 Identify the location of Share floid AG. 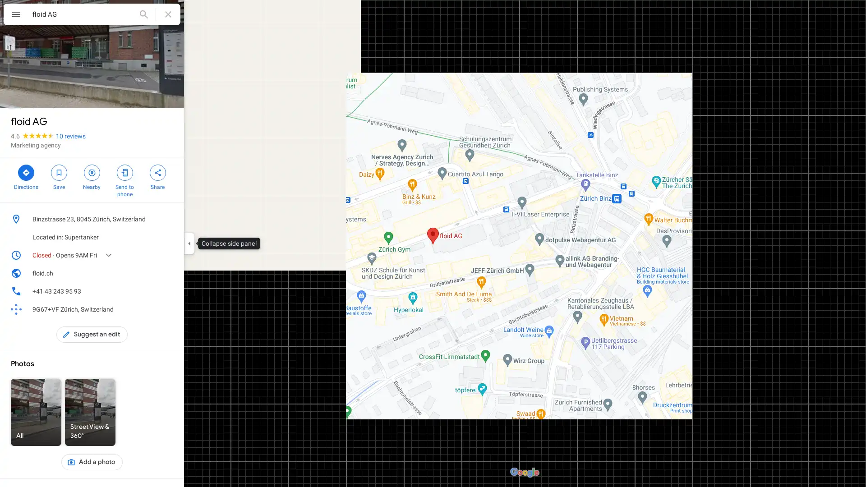
(157, 176).